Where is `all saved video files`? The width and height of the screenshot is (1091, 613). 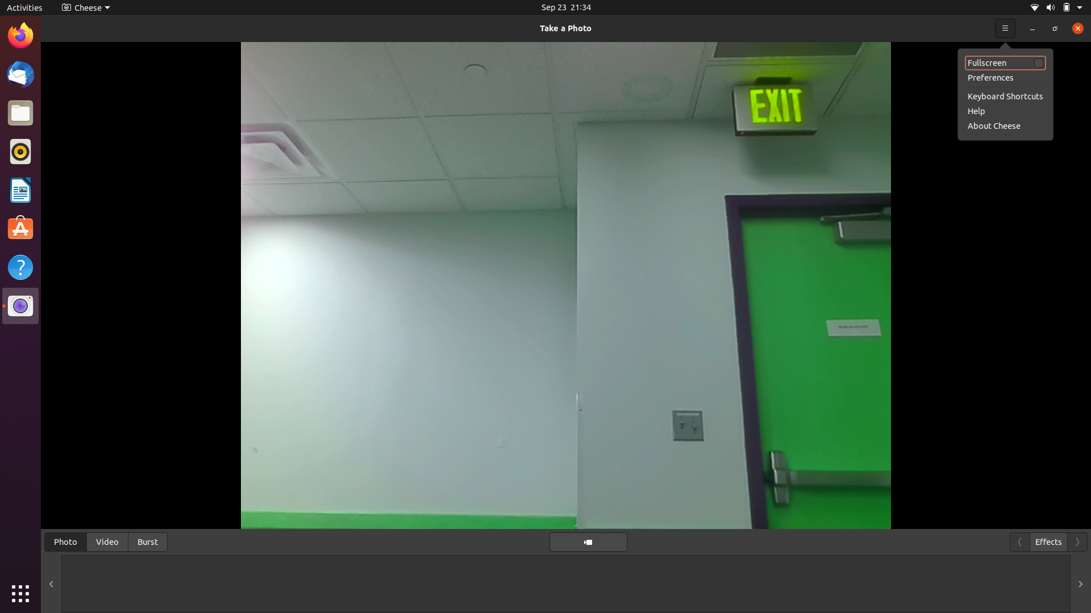 all saved video files is located at coordinates (107, 540).